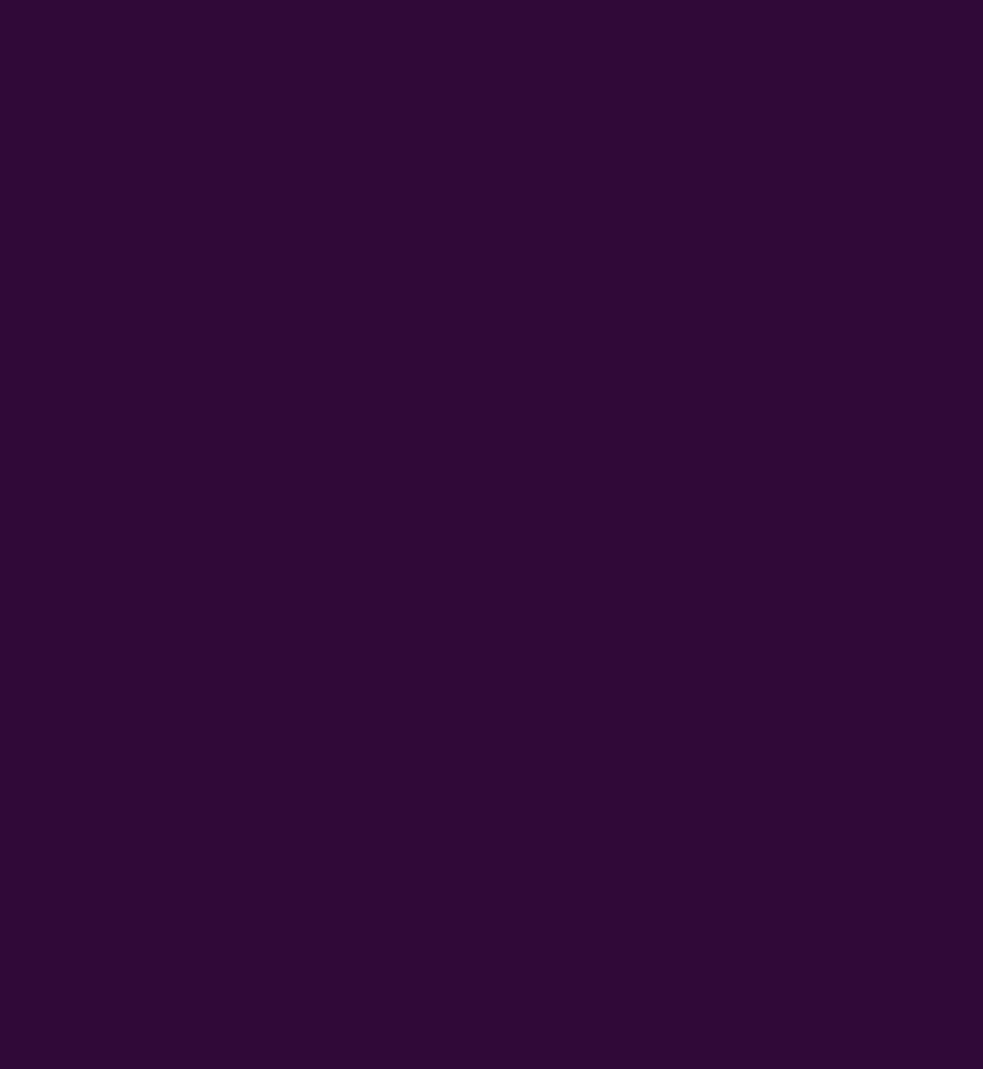  Describe the element at coordinates (173, 459) in the screenshot. I see `'of fun!!!                        This offer is exclusively intended for adult players who are at least 18 years old.'` at that location.